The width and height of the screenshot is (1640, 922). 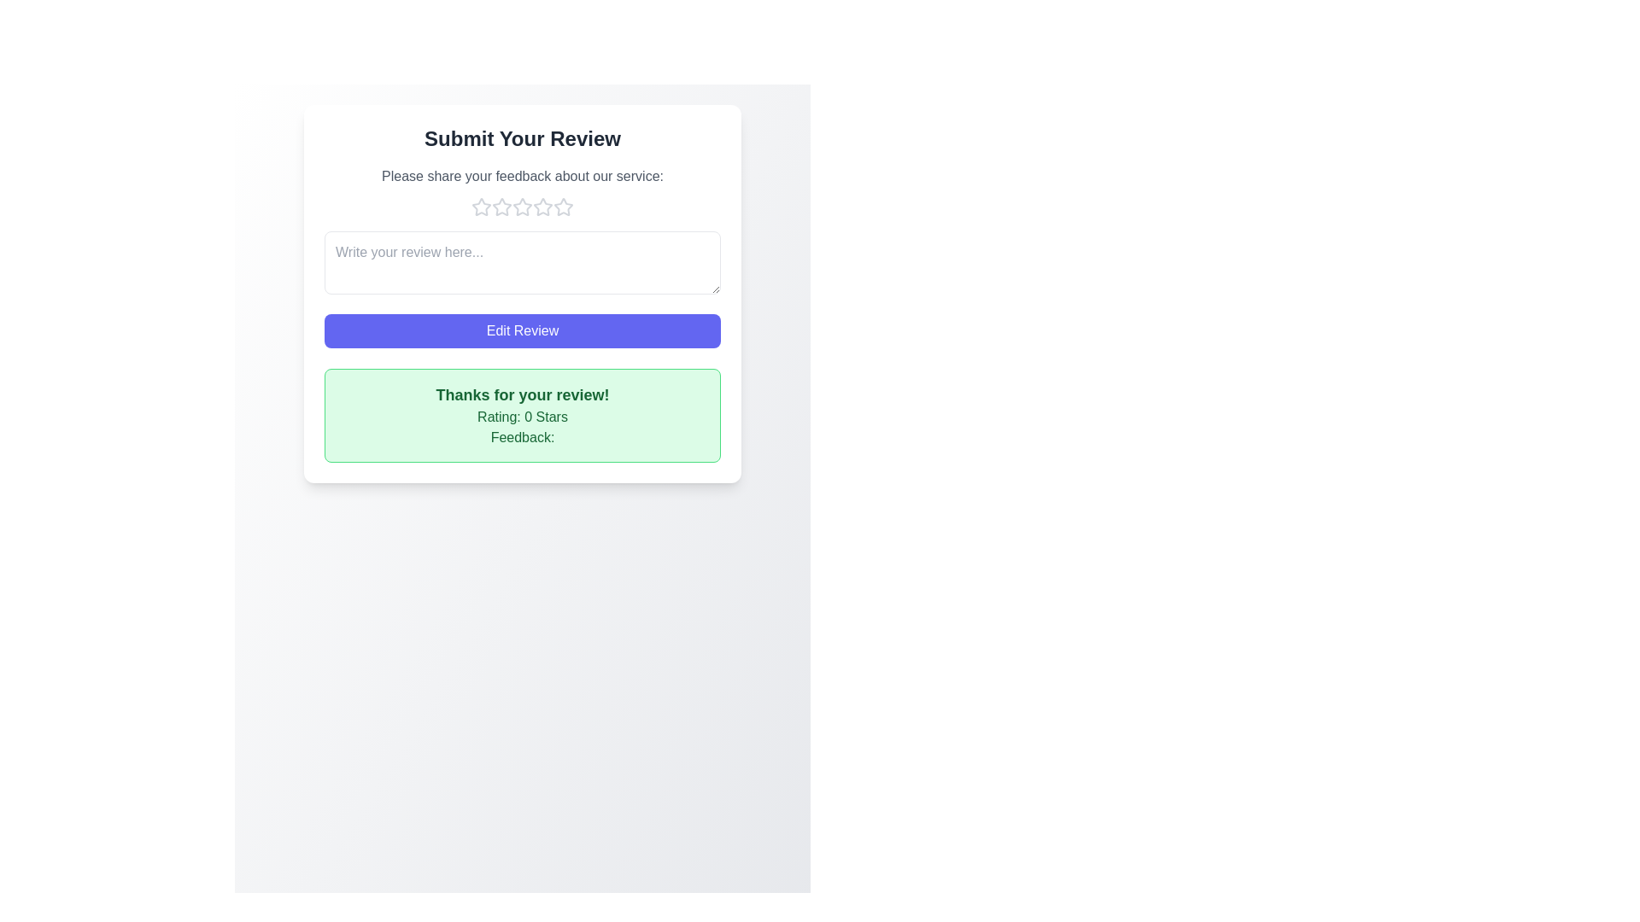 What do you see at coordinates (481, 207) in the screenshot?
I see `the star rating to 1 by clicking on the corresponding star` at bounding box center [481, 207].